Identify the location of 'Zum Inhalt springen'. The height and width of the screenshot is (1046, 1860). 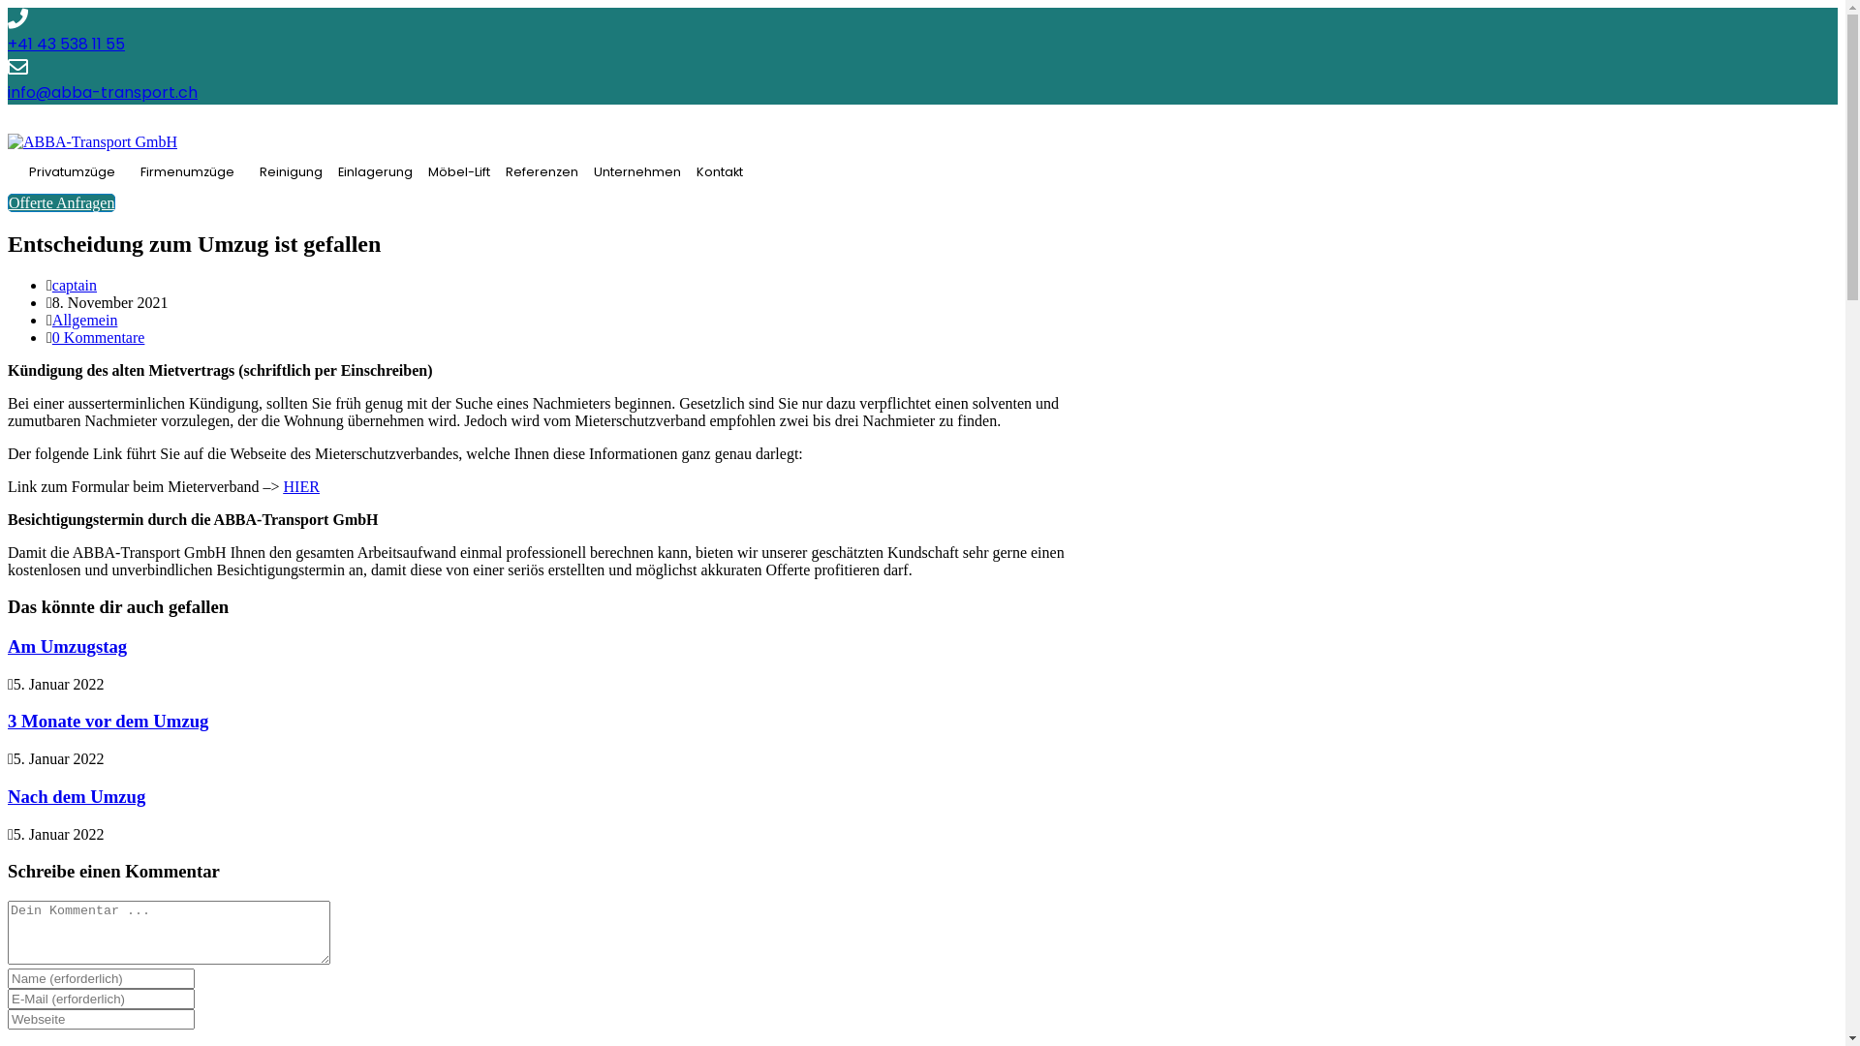
(7, 7).